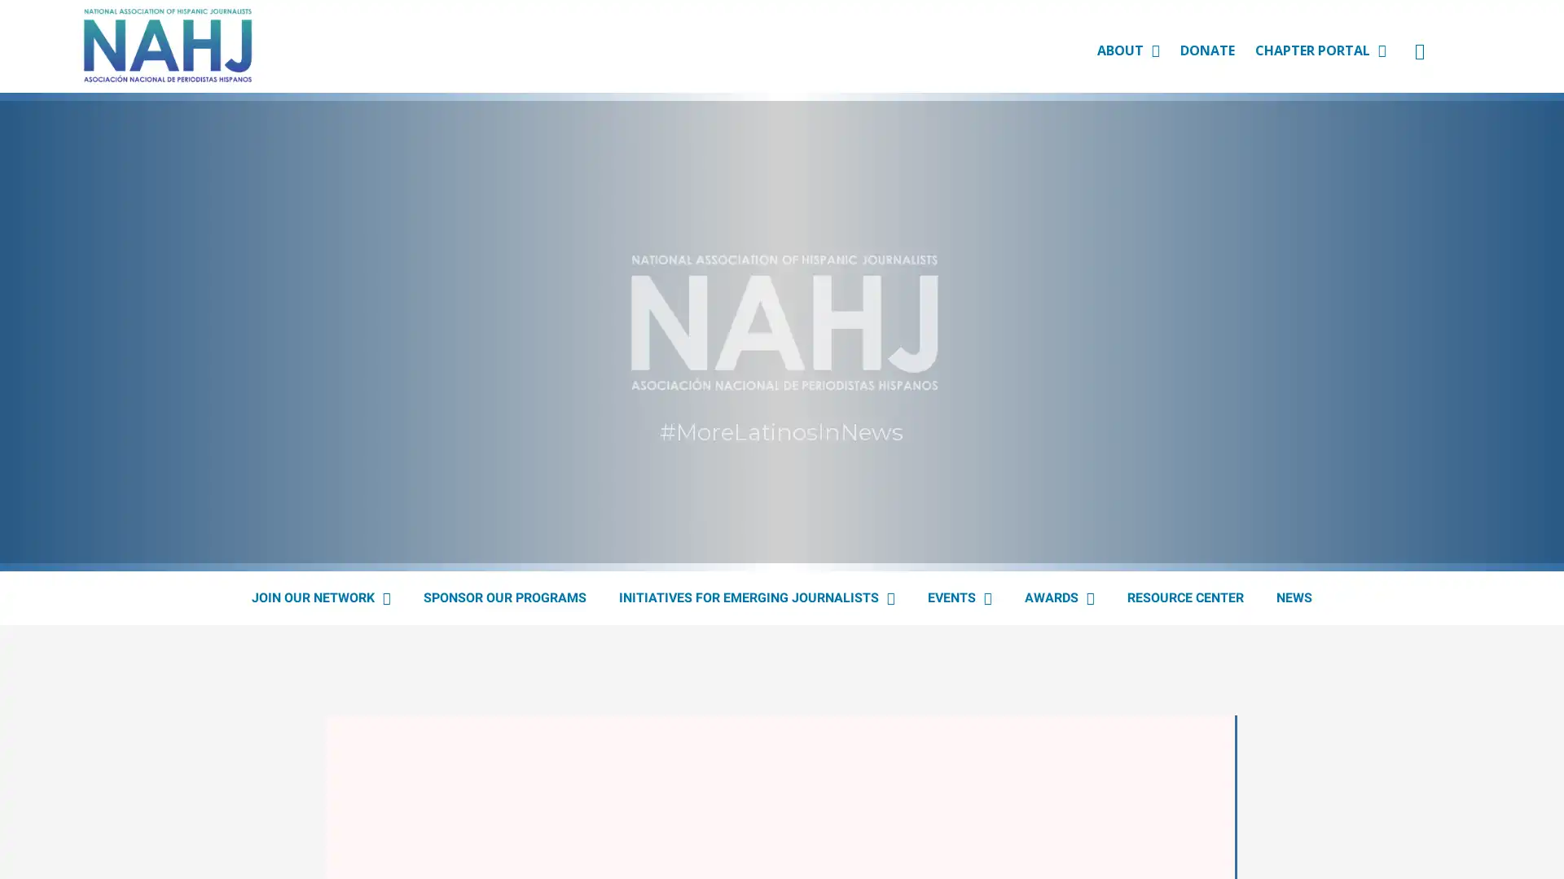 The height and width of the screenshot is (879, 1564). What do you see at coordinates (1527, 62) in the screenshot?
I see `Close search form` at bounding box center [1527, 62].